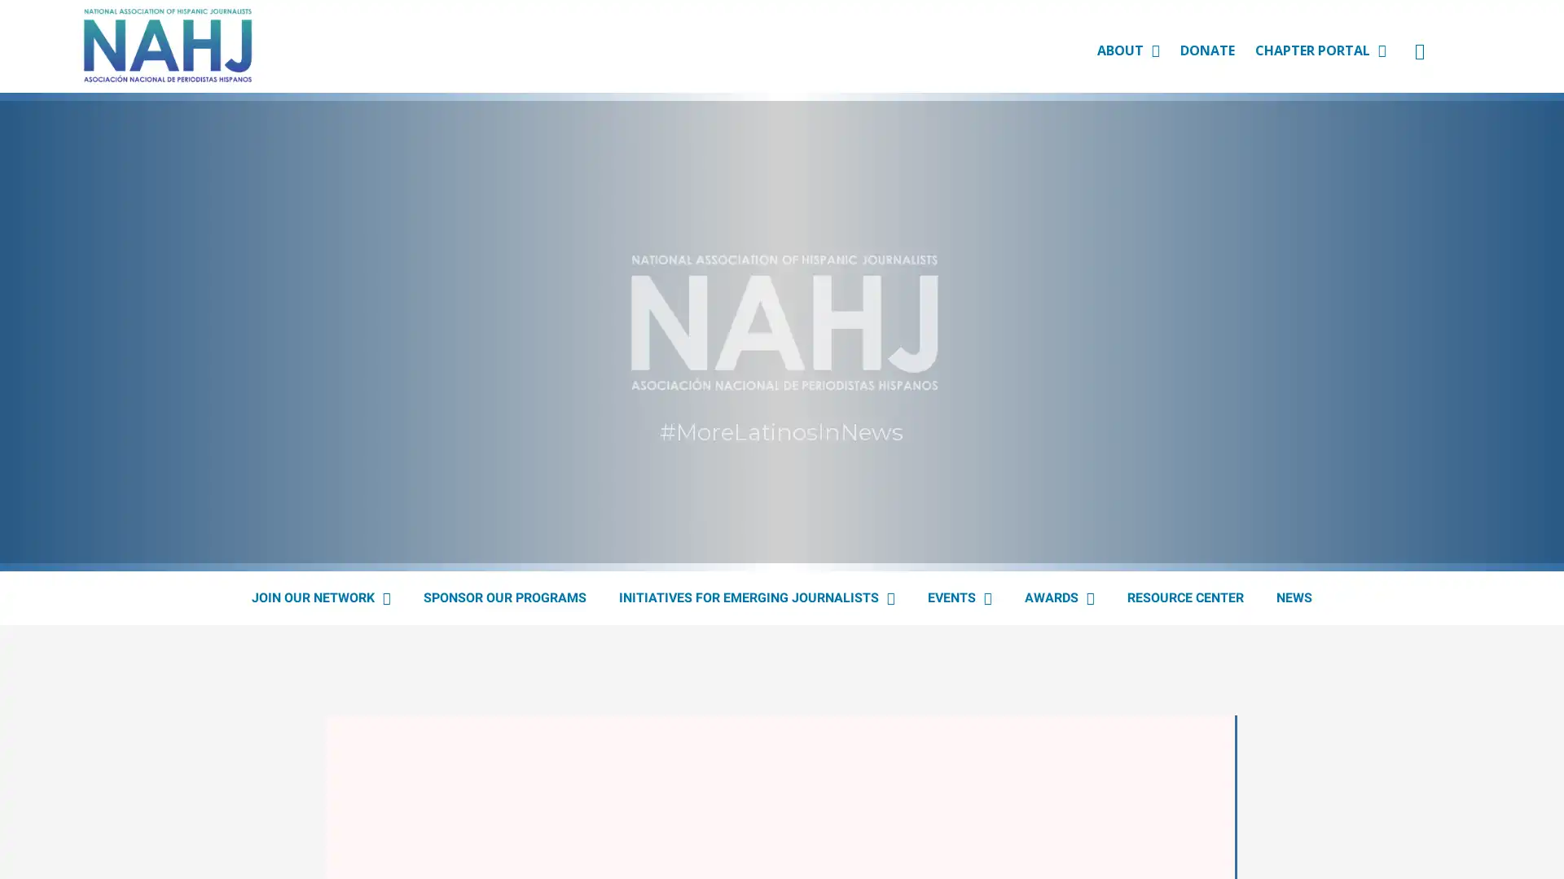 The height and width of the screenshot is (879, 1564). What do you see at coordinates (1527, 62) in the screenshot?
I see `Close search form` at bounding box center [1527, 62].